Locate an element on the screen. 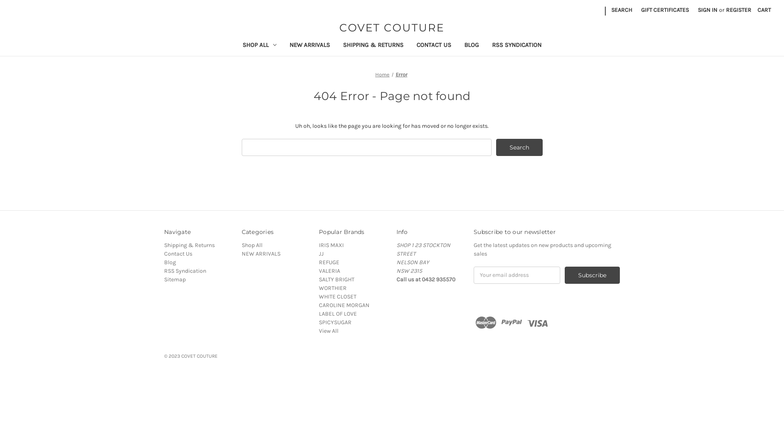 The image size is (784, 441). 'REFUGE' is located at coordinates (329, 262).